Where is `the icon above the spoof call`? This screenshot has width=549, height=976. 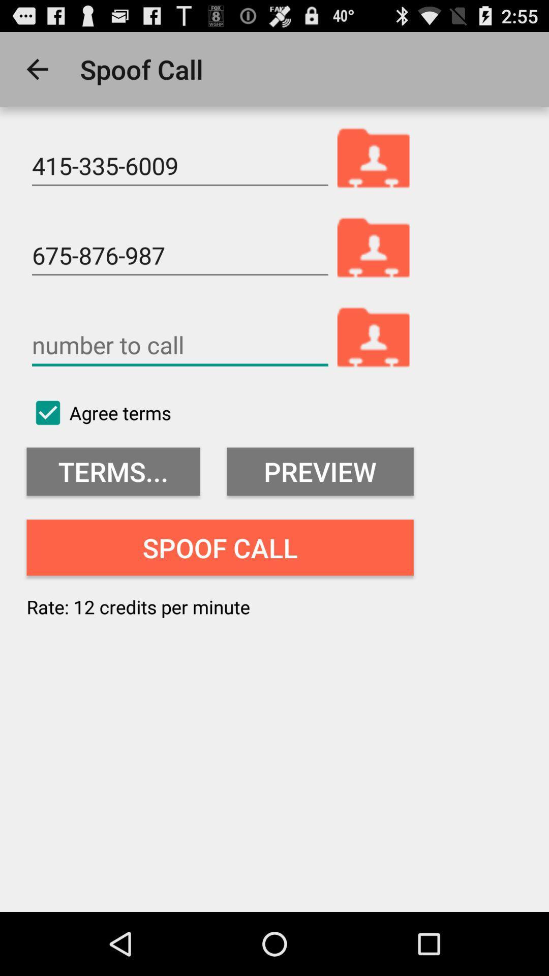
the icon above the spoof call is located at coordinates (319, 471).